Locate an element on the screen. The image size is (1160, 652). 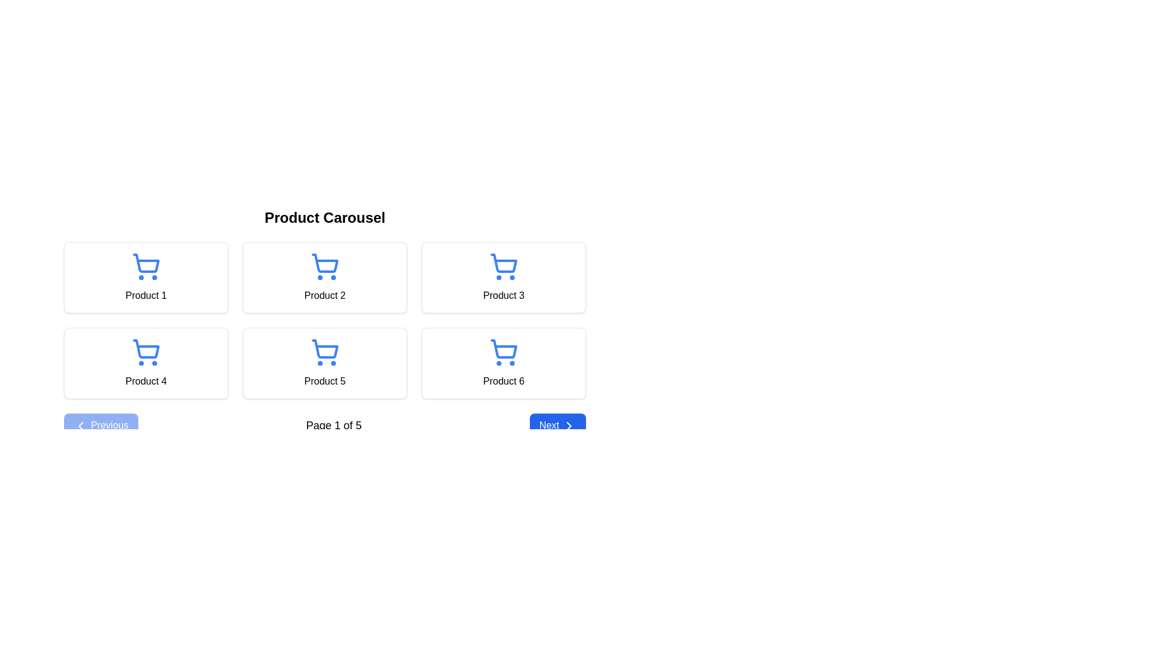
the shopping cart icon representing 'Product 5' located in the middle column of the bottom row in the product grid is located at coordinates (325, 349).